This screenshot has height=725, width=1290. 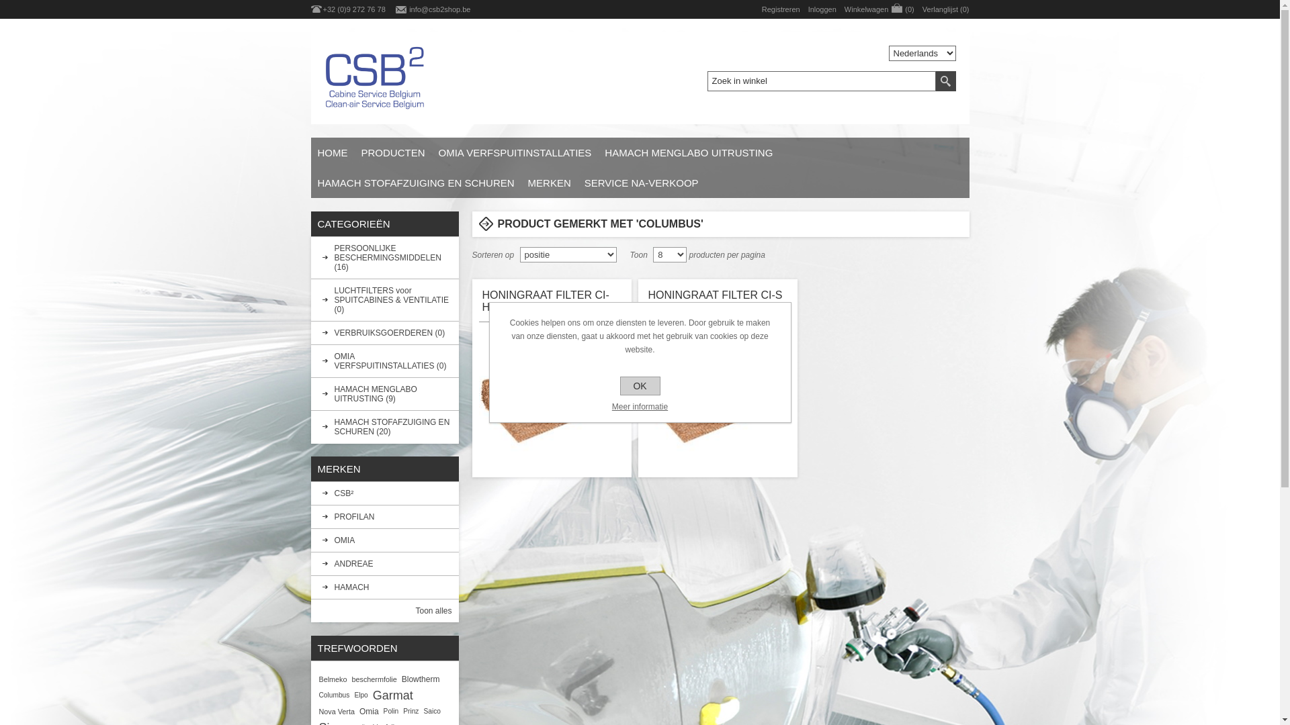 What do you see at coordinates (781, 9) in the screenshot?
I see `'Registreren'` at bounding box center [781, 9].